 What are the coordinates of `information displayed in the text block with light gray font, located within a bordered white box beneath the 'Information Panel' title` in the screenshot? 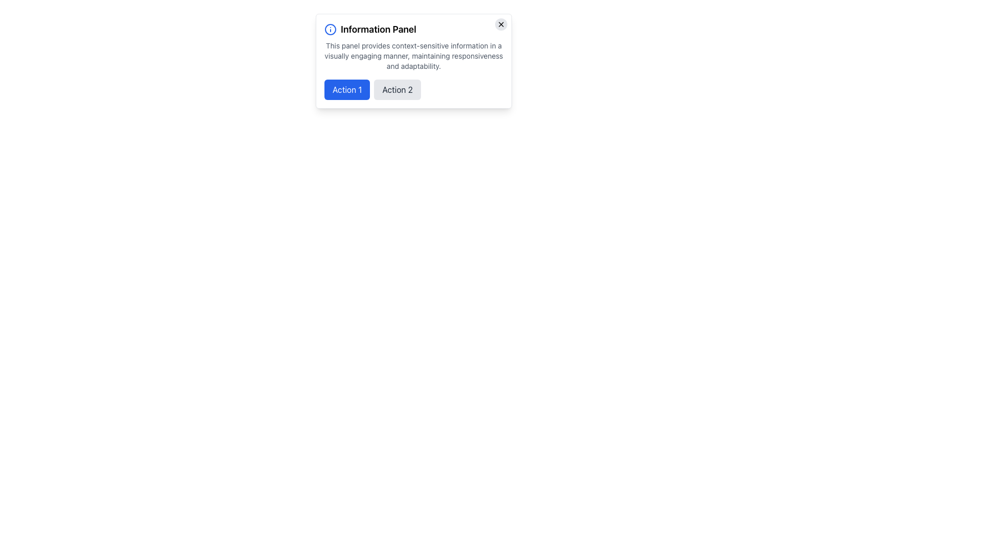 It's located at (414, 56).